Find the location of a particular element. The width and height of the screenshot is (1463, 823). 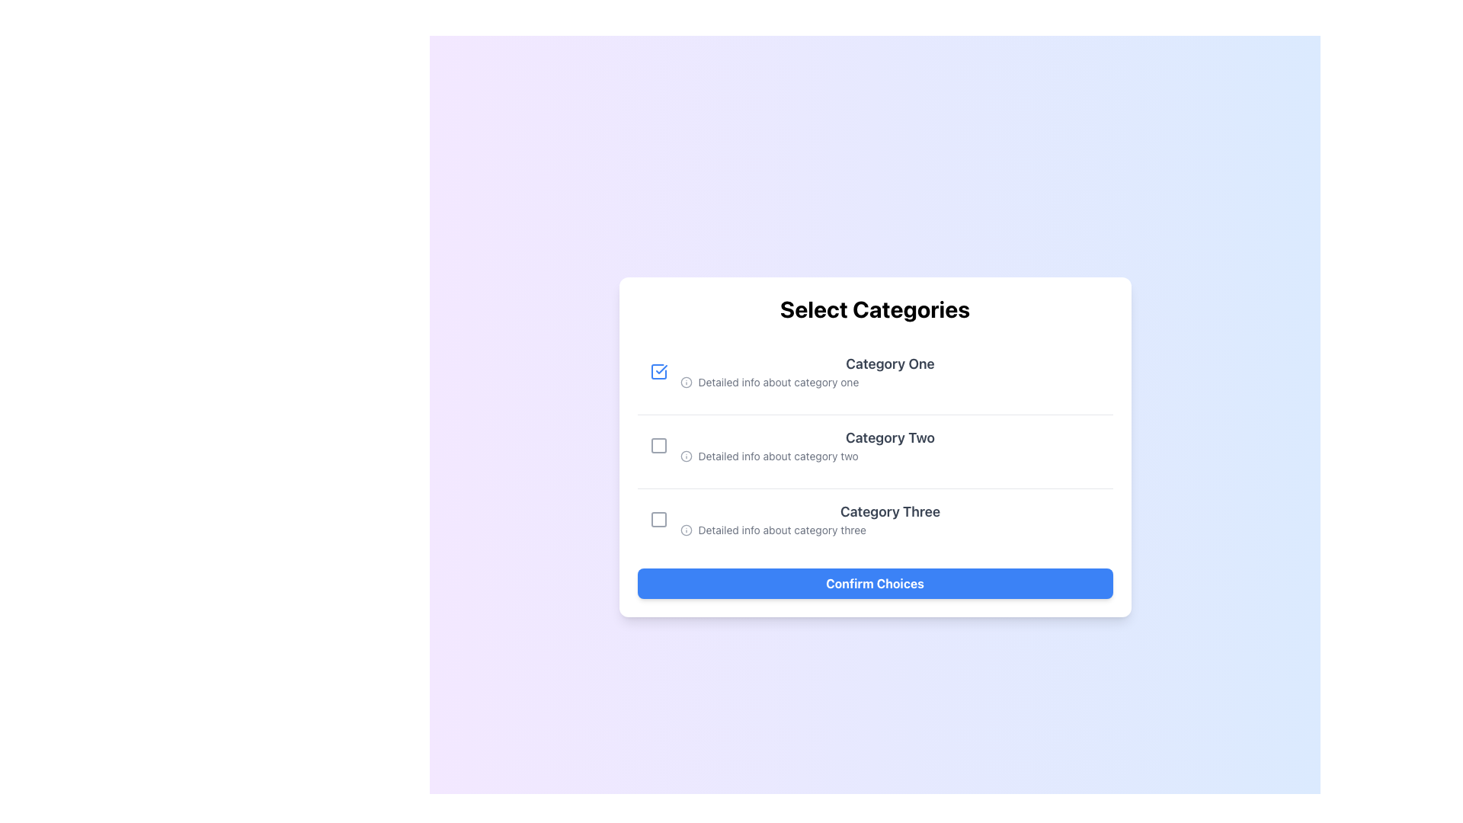

the 'info' icon with a circular border located to the left of the text 'Detailed info about category two' in the second row of the 'Select Categories' interface is located at coordinates (685, 455).